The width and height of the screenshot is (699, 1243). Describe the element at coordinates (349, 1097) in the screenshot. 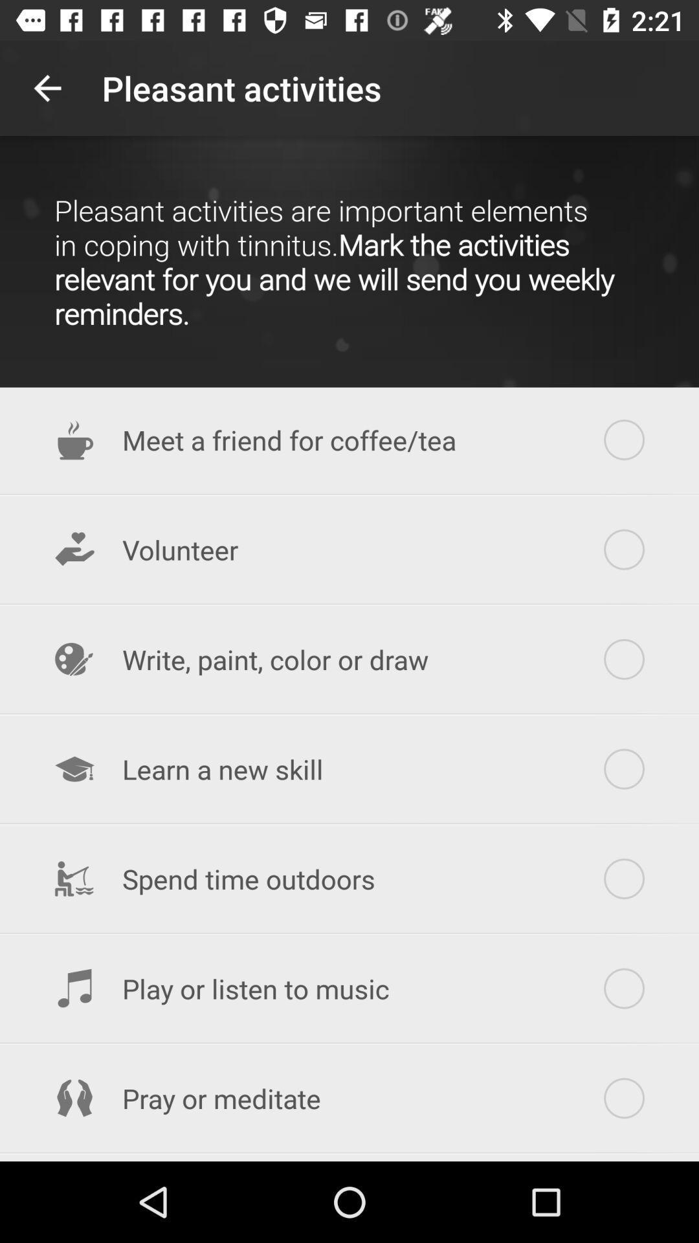

I see `pray or meditate` at that location.